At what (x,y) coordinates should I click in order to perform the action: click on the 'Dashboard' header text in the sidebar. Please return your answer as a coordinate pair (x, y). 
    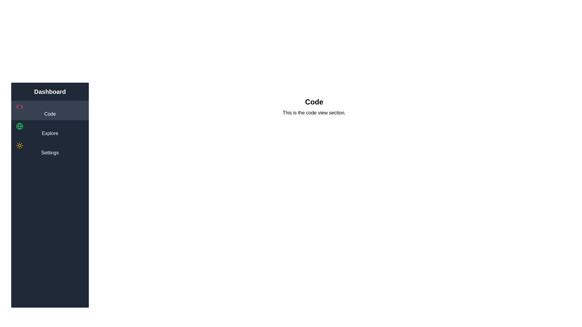
    Looking at the image, I should click on (50, 92).